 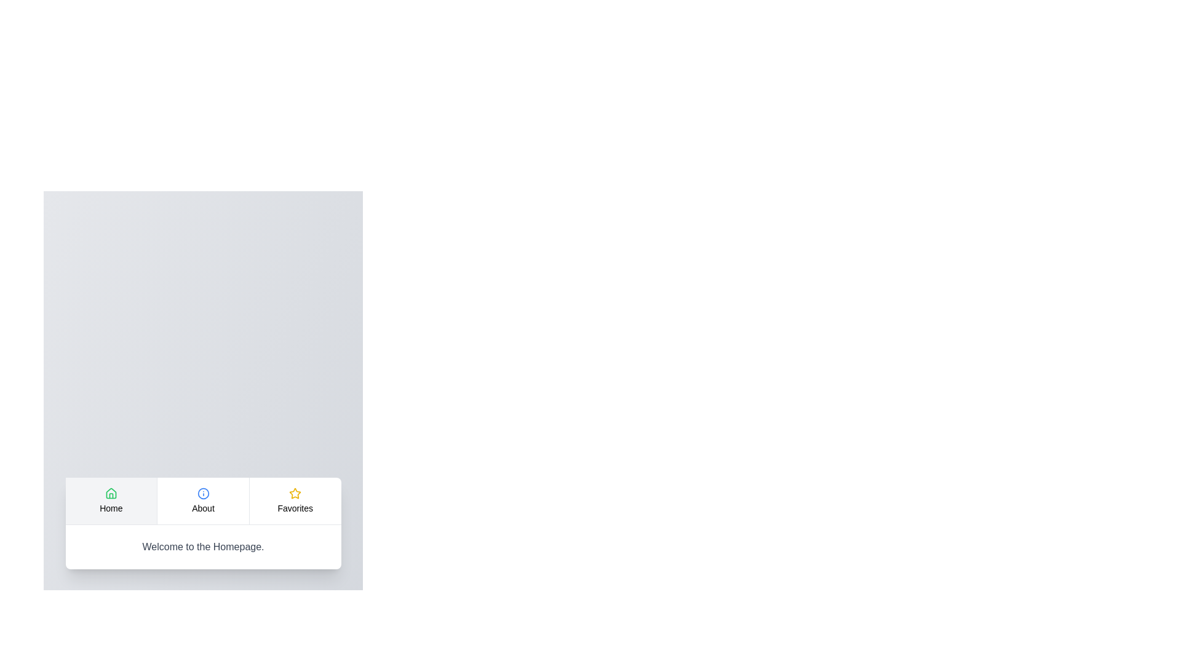 What do you see at coordinates (203, 500) in the screenshot?
I see `the tab labeled About to display its description` at bounding box center [203, 500].